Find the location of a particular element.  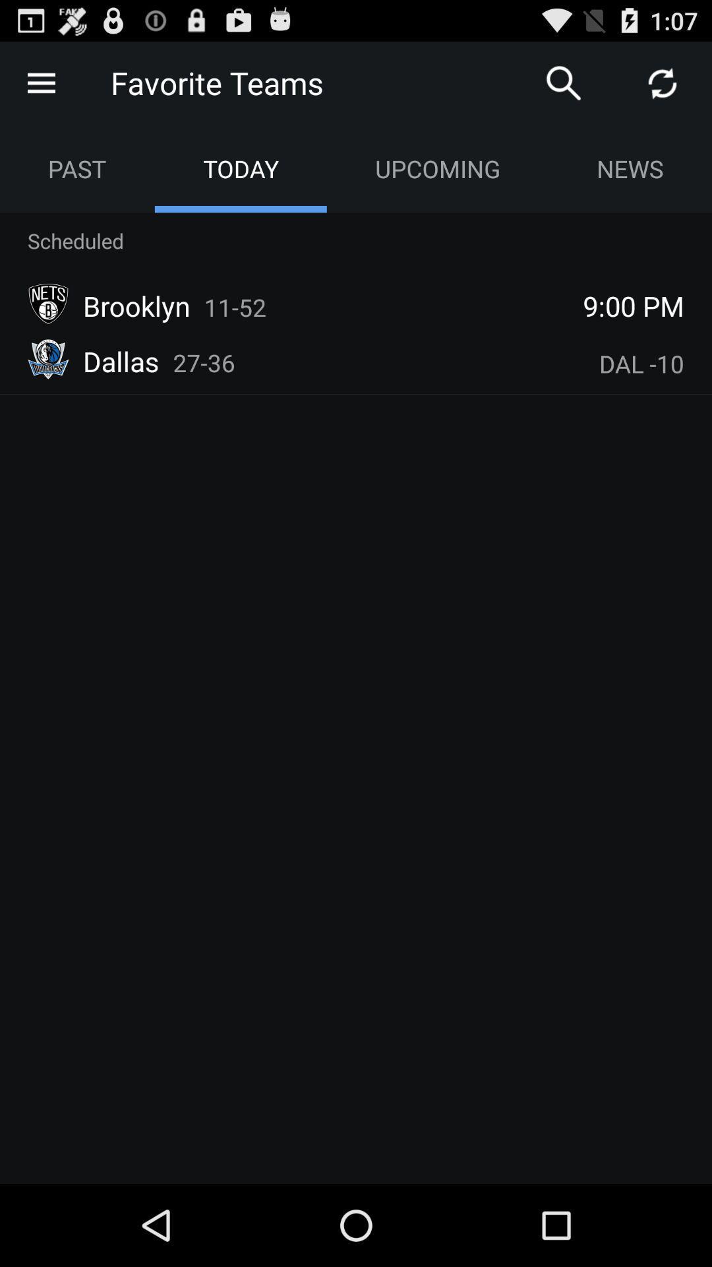

menu is located at coordinates (40, 82).